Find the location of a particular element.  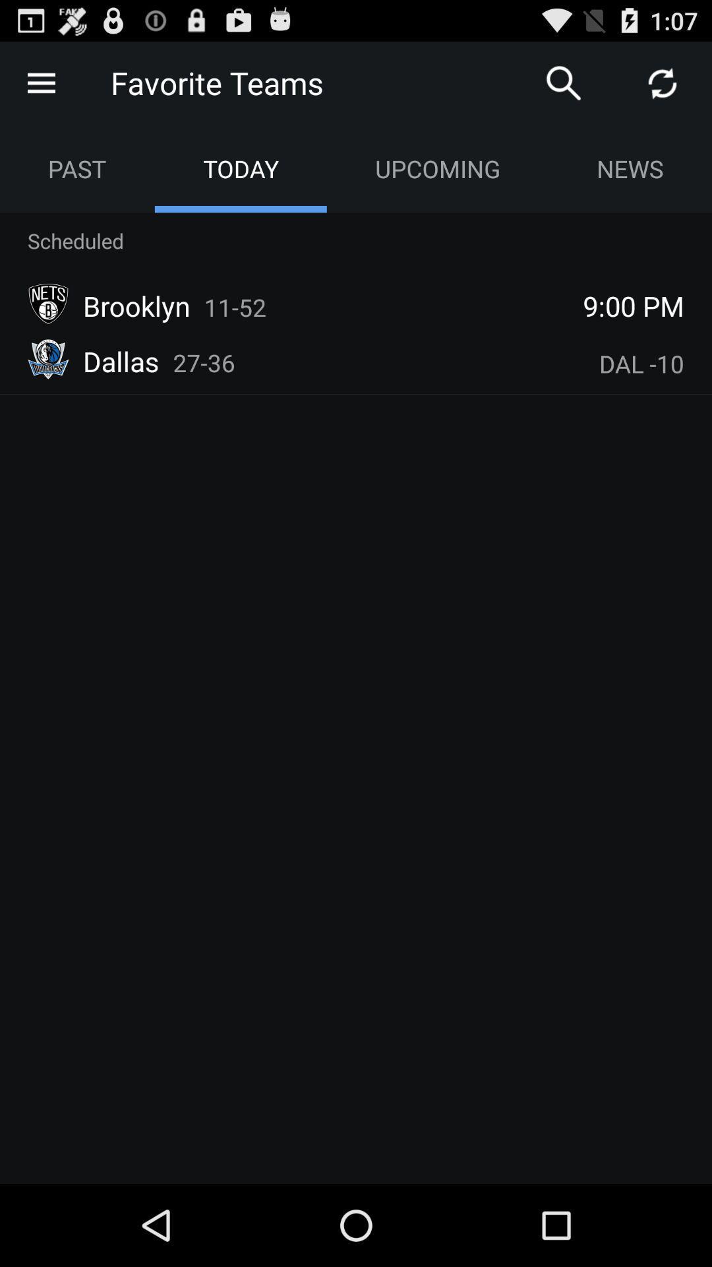

menu is located at coordinates (40, 82).